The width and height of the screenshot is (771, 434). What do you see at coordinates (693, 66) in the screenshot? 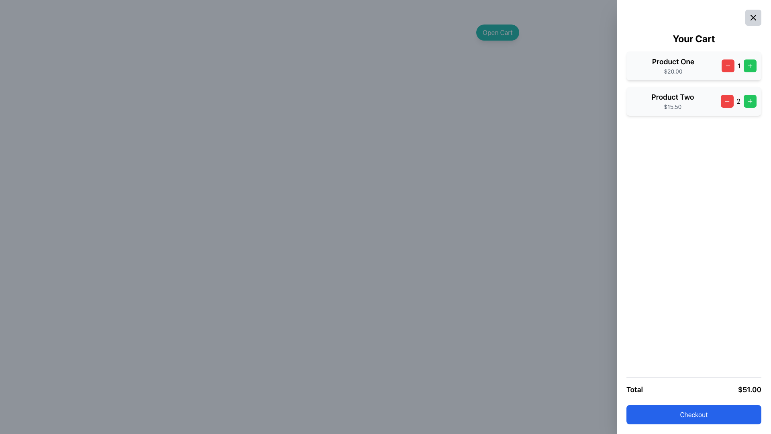
I see `the product name ('Product One') and price ('$20.00') in the cart interface, which is the first item under the 'Your Cart' section` at bounding box center [693, 66].